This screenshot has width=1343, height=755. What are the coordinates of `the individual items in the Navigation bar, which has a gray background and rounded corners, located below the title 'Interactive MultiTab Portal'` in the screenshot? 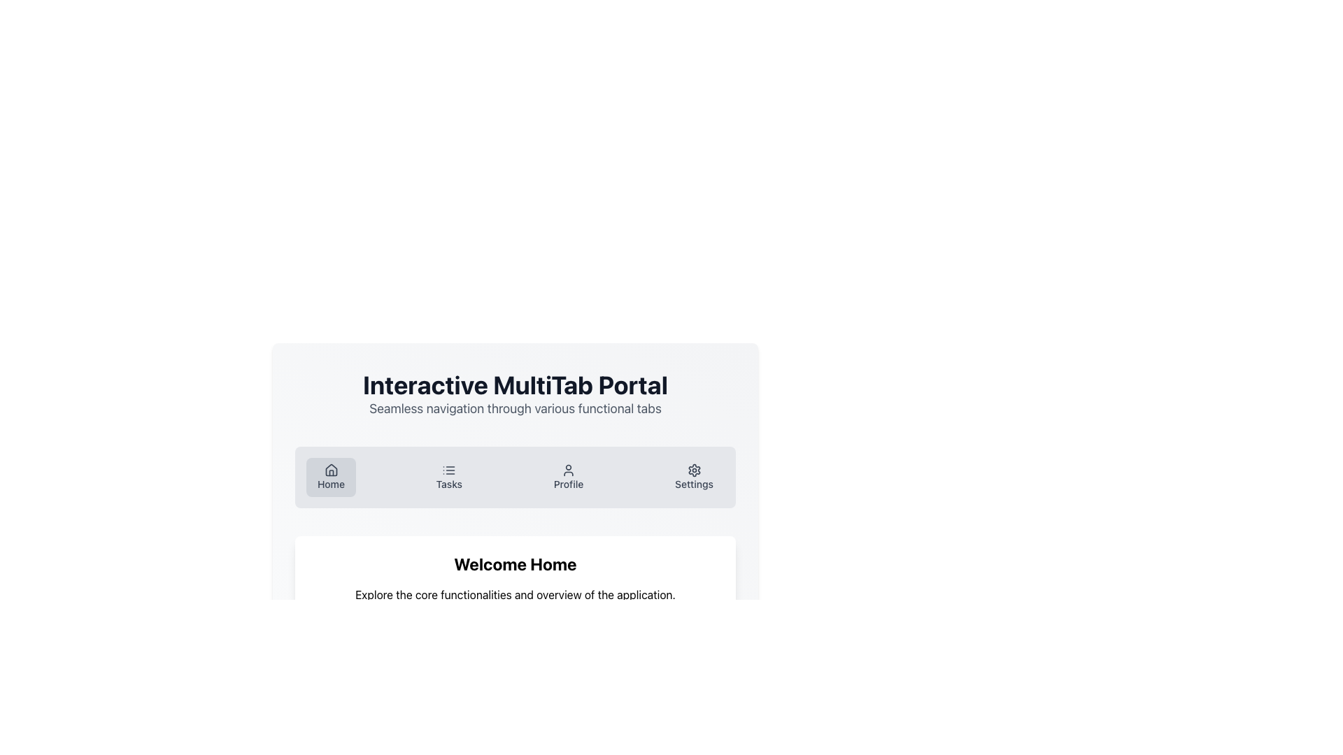 It's located at (515, 476).